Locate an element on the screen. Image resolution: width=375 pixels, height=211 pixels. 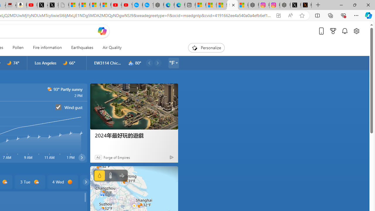
'n3200' is located at coordinates (131, 63).